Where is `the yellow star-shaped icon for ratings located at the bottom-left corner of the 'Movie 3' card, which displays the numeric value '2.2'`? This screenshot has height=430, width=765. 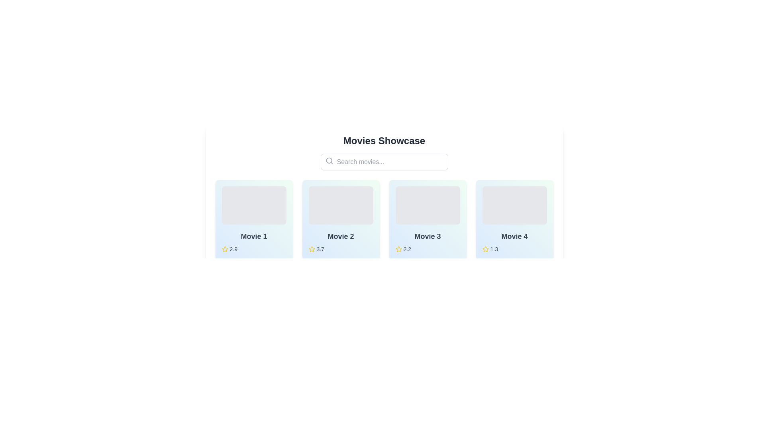 the yellow star-shaped icon for ratings located at the bottom-left corner of the 'Movie 3' card, which displays the numeric value '2.2' is located at coordinates (398, 248).